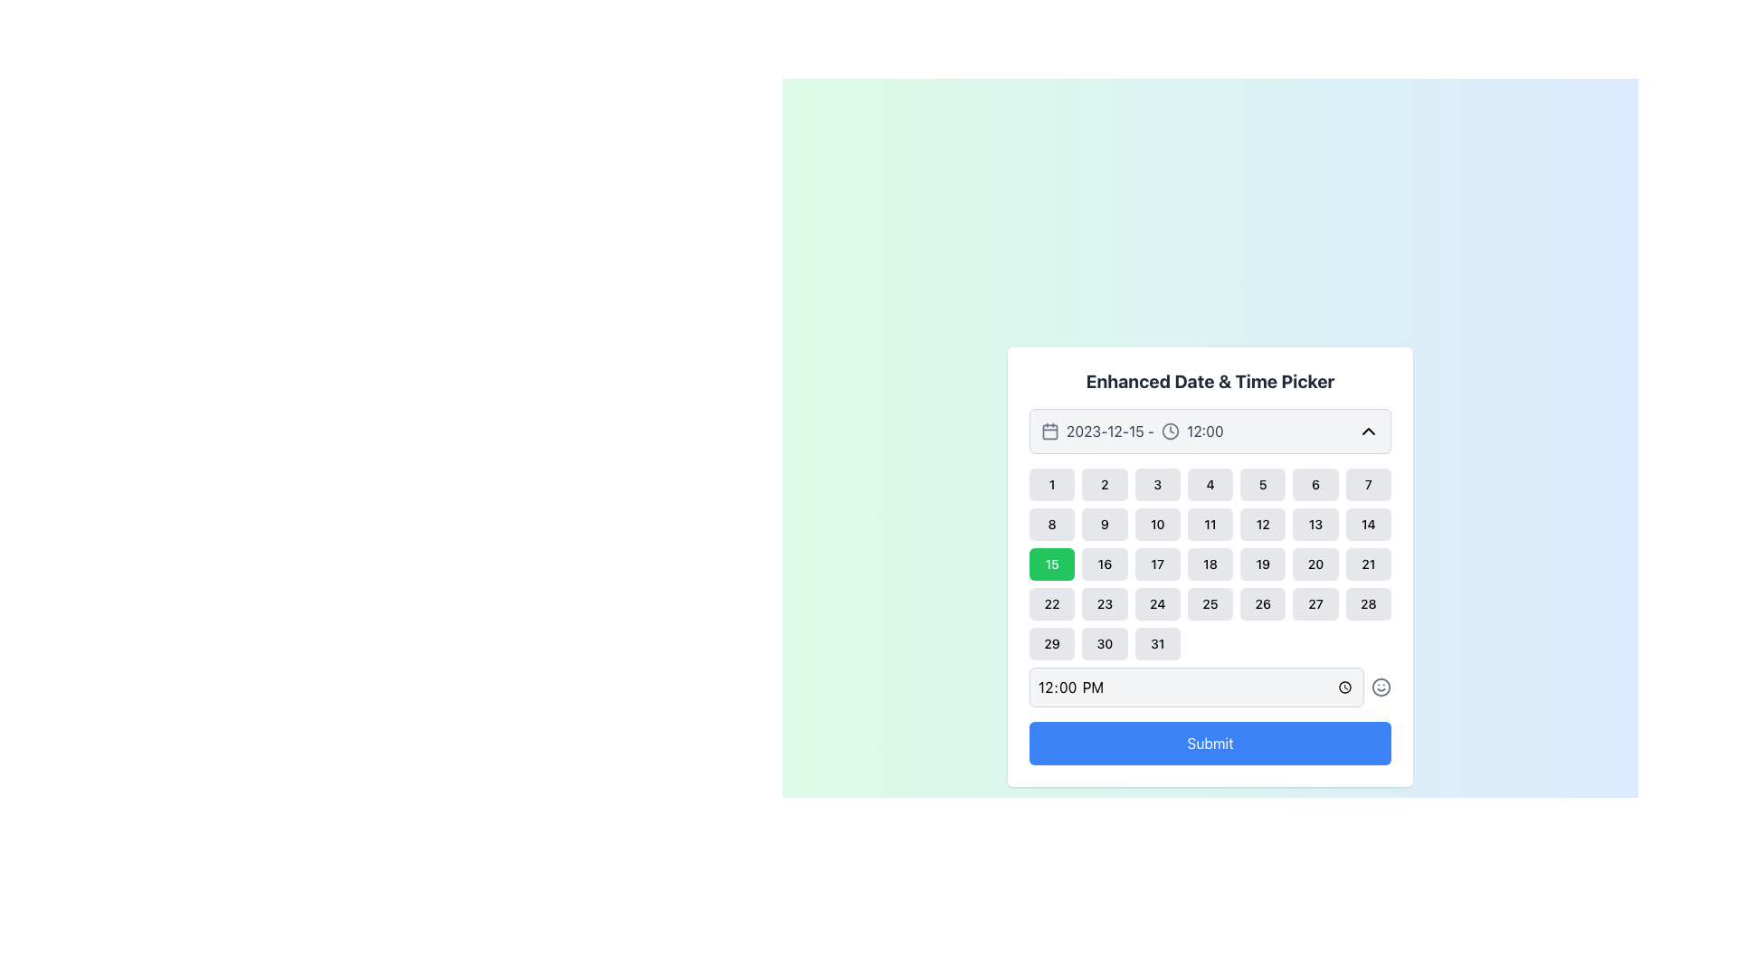 Image resolution: width=1737 pixels, height=977 pixels. What do you see at coordinates (1104, 524) in the screenshot?
I see `the rounded rectangular gray button labeled '9' in the second row and second column of the calendar grid` at bounding box center [1104, 524].